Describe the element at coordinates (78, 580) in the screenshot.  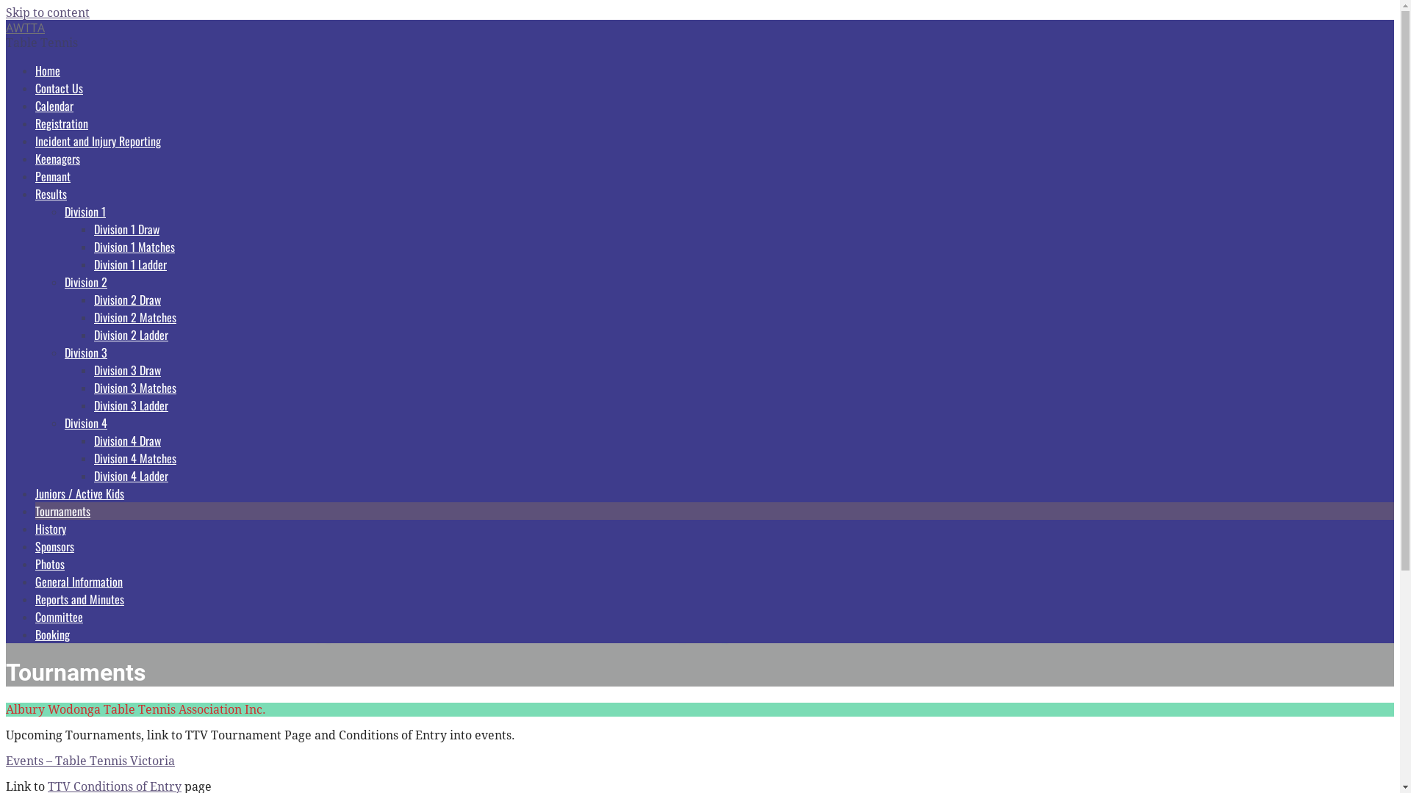
I see `'General Information'` at that location.